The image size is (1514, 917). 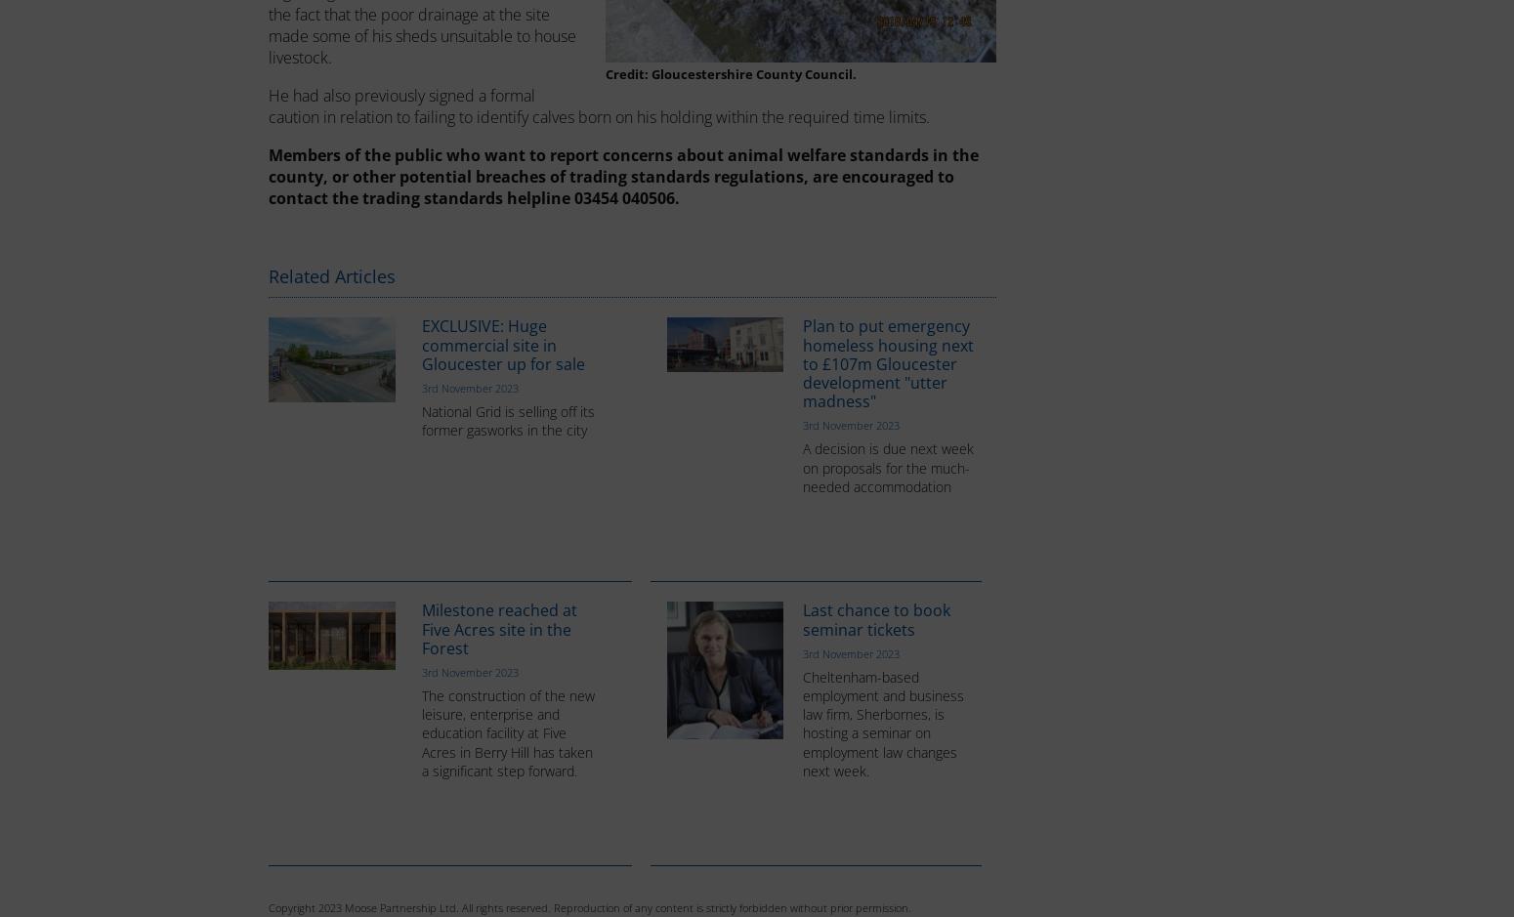 I want to click on 'Copyright 2023 Moose Partnership Ltd. All rights reserved. Reproduction of any content is strictly forbidden without prior permission.', so click(x=590, y=905).